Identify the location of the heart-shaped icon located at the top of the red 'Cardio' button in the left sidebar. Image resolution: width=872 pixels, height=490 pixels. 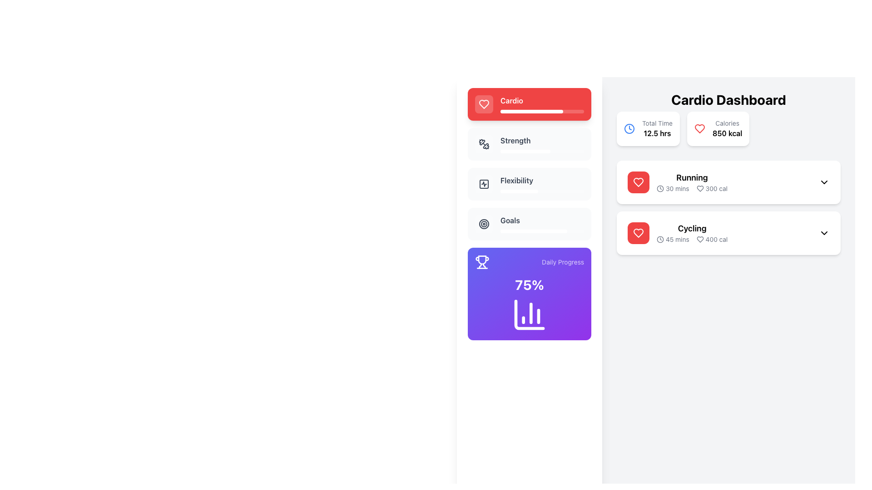
(638, 232).